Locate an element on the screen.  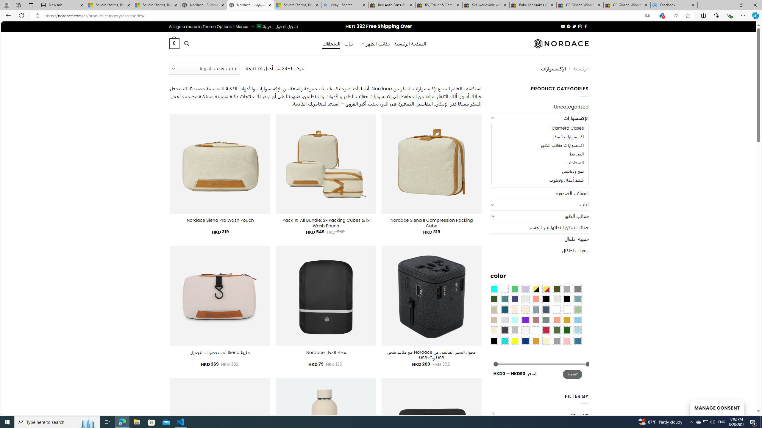
'MANAGE CONSENT' is located at coordinates (717, 407).